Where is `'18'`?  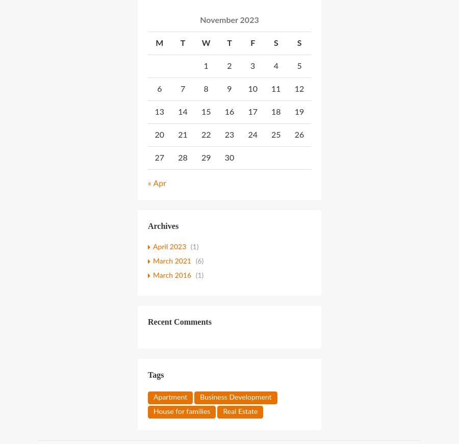
'18' is located at coordinates (275, 111).